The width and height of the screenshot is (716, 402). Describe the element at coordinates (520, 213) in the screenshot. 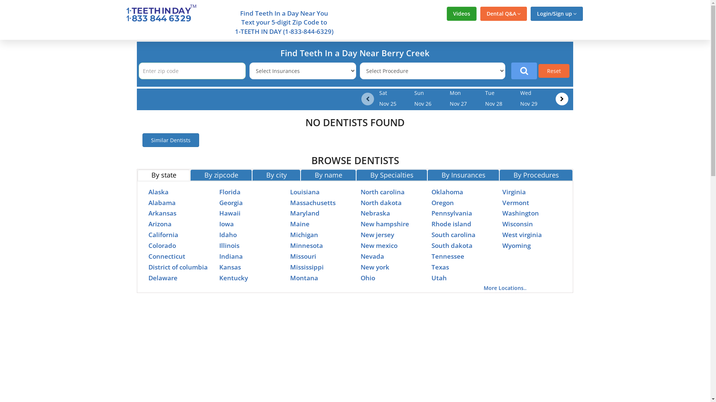

I see `'Washington'` at that location.